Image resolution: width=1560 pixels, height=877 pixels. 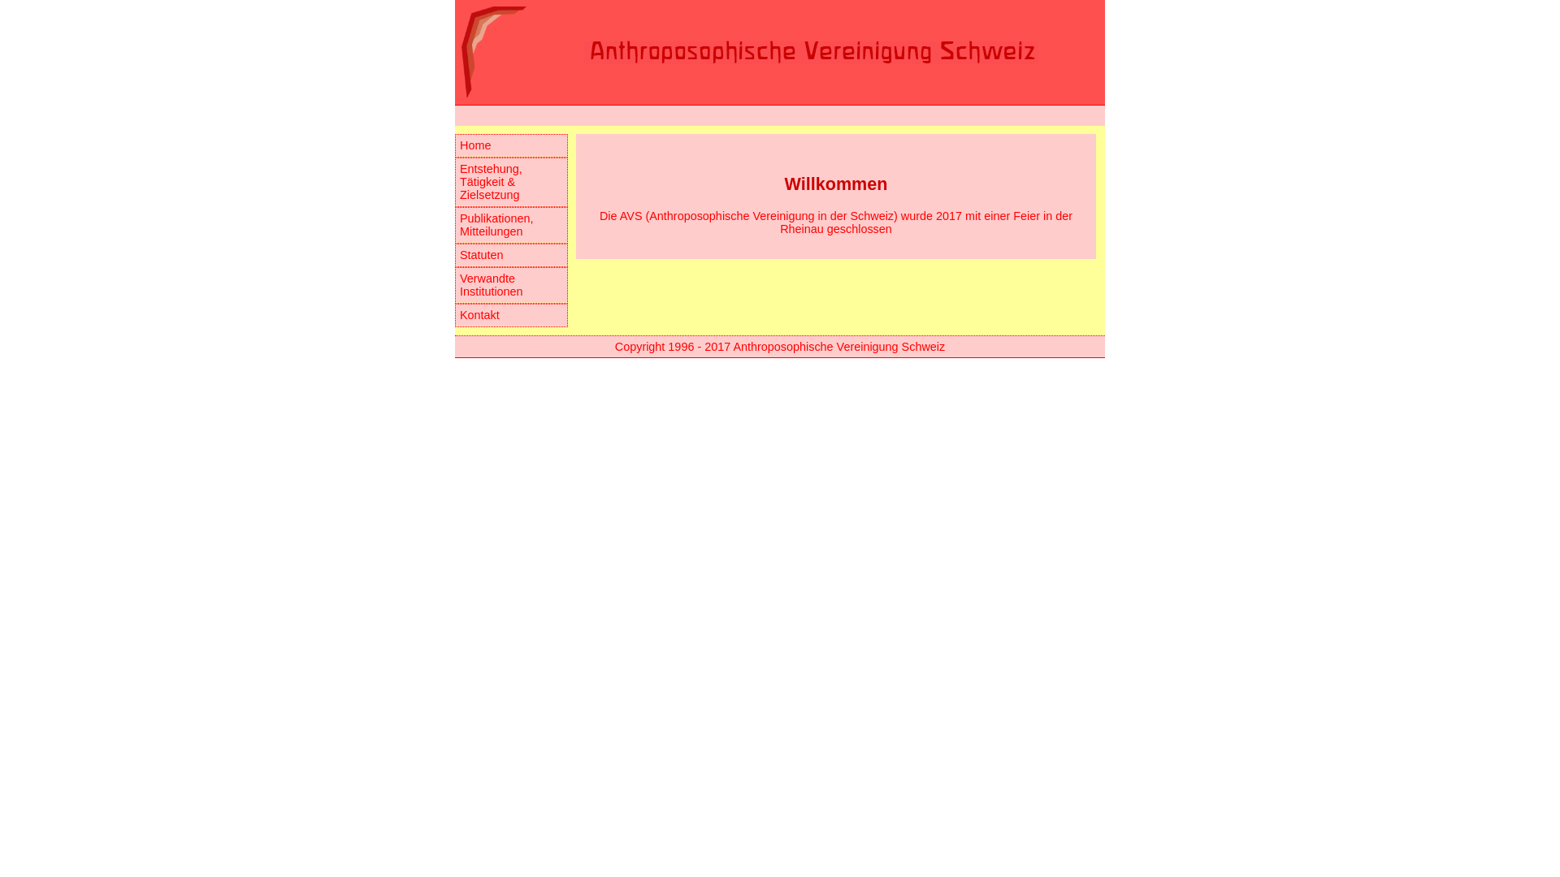 I want to click on 'Verwandte Institutionen', so click(x=455, y=284).